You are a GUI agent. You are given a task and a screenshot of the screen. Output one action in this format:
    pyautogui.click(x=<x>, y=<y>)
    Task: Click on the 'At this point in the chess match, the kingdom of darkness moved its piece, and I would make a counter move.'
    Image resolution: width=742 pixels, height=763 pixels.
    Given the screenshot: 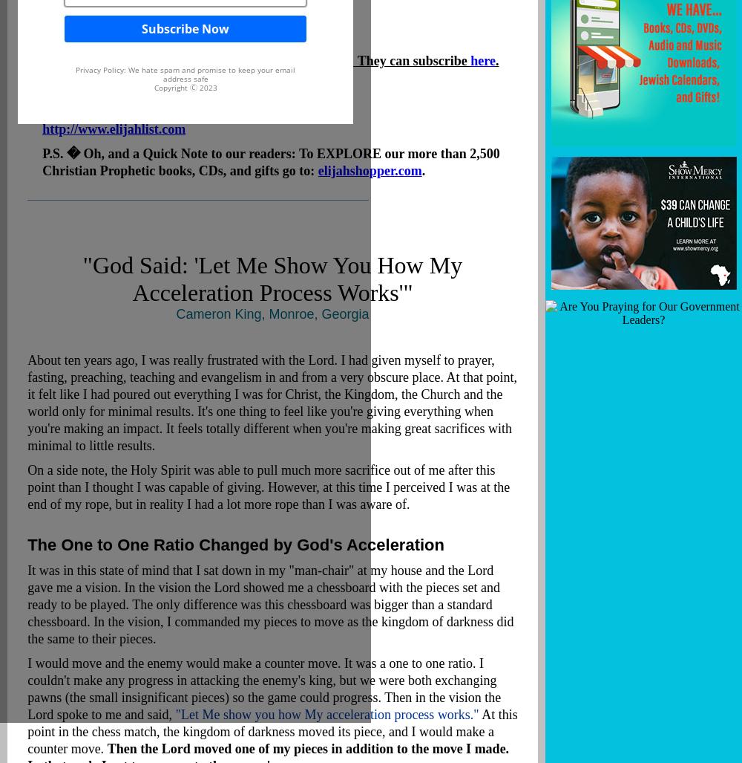 What is the action you would take?
    pyautogui.click(x=272, y=730)
    